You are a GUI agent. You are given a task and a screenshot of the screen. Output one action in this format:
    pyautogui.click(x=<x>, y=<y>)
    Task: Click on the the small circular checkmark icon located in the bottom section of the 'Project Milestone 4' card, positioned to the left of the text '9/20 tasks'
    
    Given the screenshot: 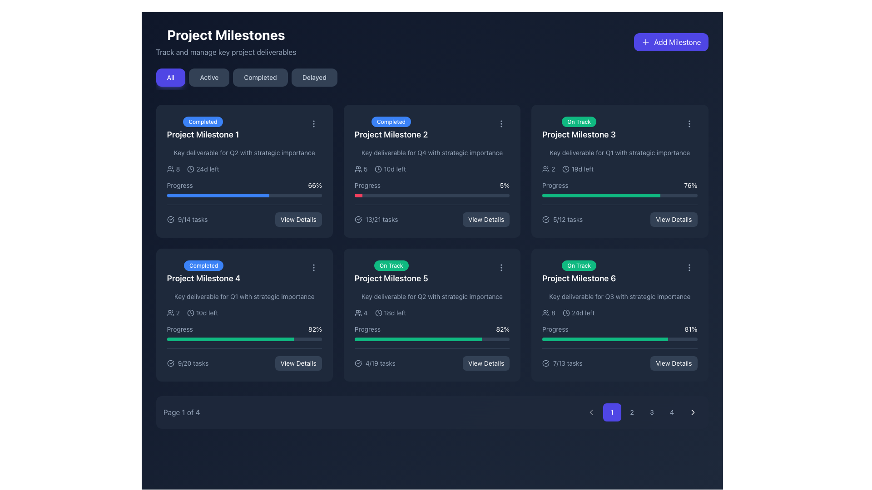 What is the action you would take?
    pyautogui.click(x=170, y=363)
    